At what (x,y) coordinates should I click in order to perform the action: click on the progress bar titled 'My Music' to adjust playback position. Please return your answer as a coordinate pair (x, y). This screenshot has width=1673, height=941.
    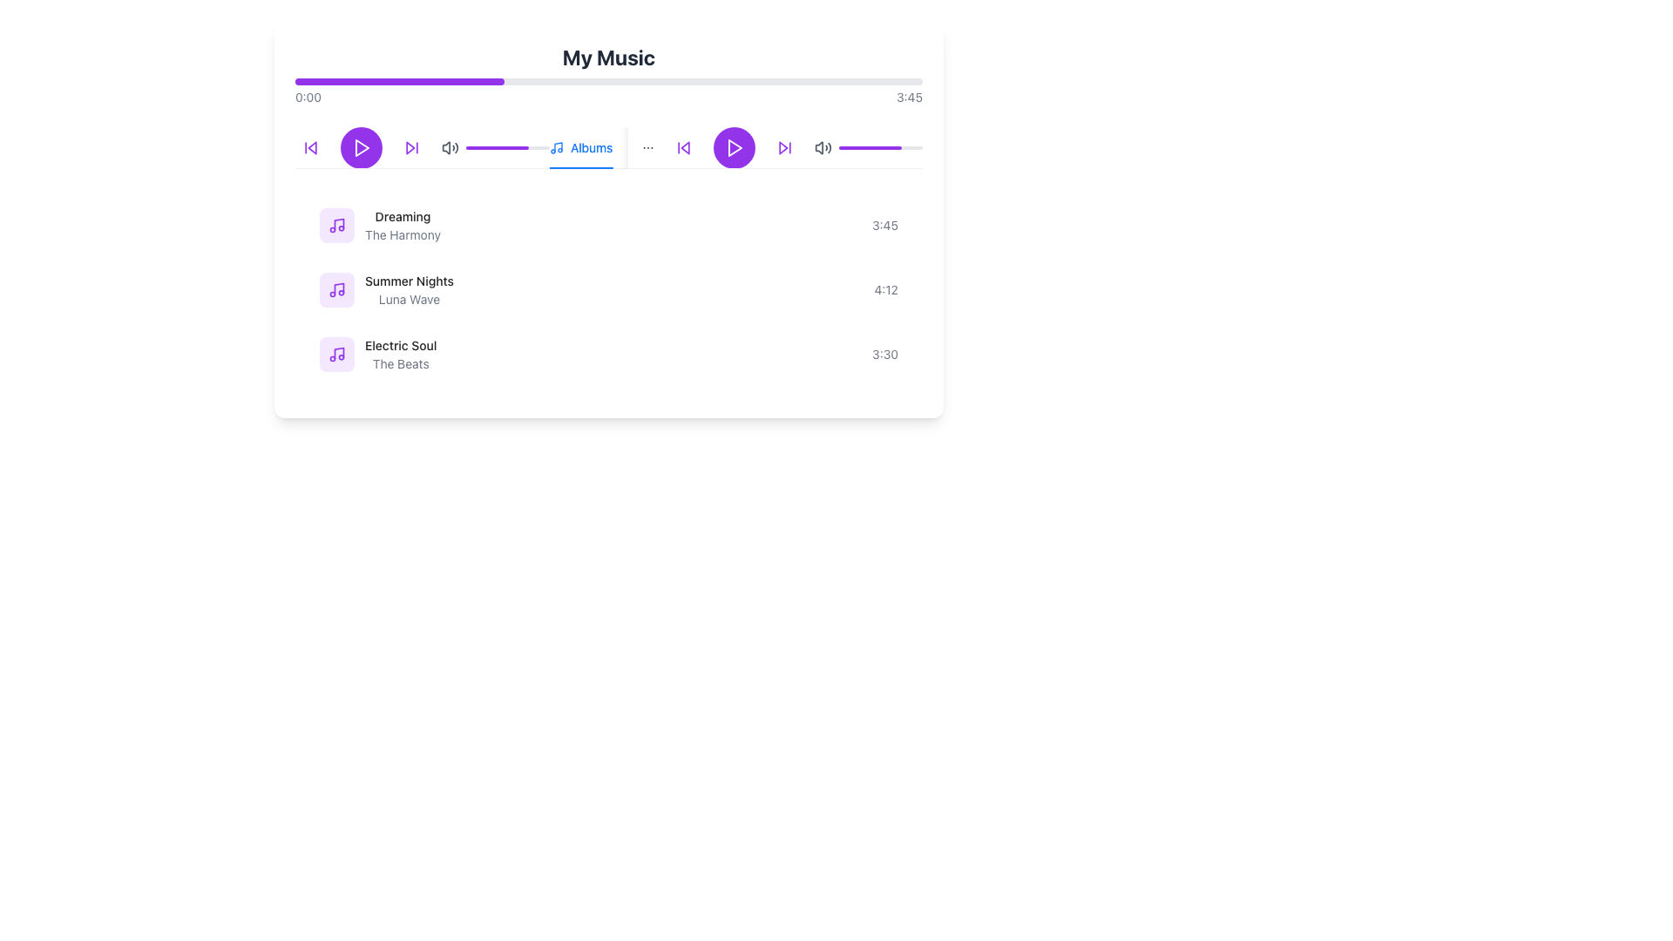
    Looking at the image, I should click on (609, 73).